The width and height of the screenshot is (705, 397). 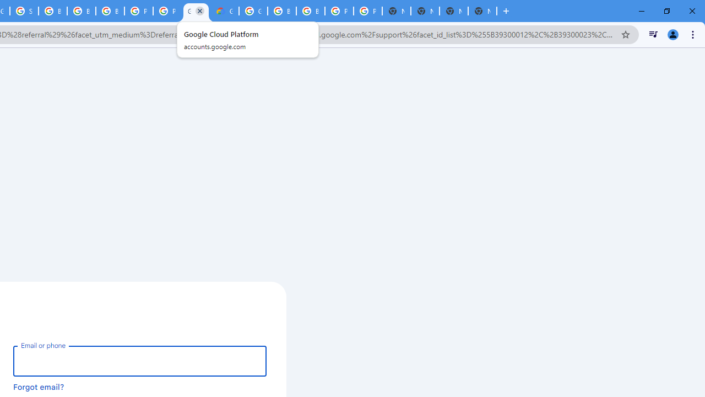 What do you see at coordinates (482, 11) in the screenshot?
I see `'New Tab'` at bounding box center [482, 11].